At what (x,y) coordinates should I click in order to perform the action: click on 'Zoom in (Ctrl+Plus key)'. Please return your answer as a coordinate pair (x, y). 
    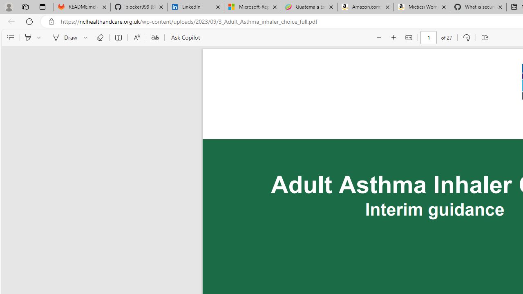
    Looking at the image, I should click on (394, 38).